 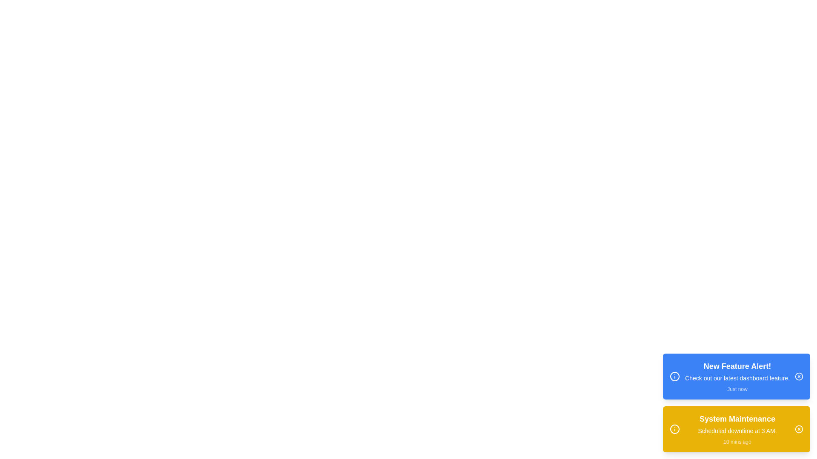 I want to click on the close button of the alert, so click(x=798, y=376).